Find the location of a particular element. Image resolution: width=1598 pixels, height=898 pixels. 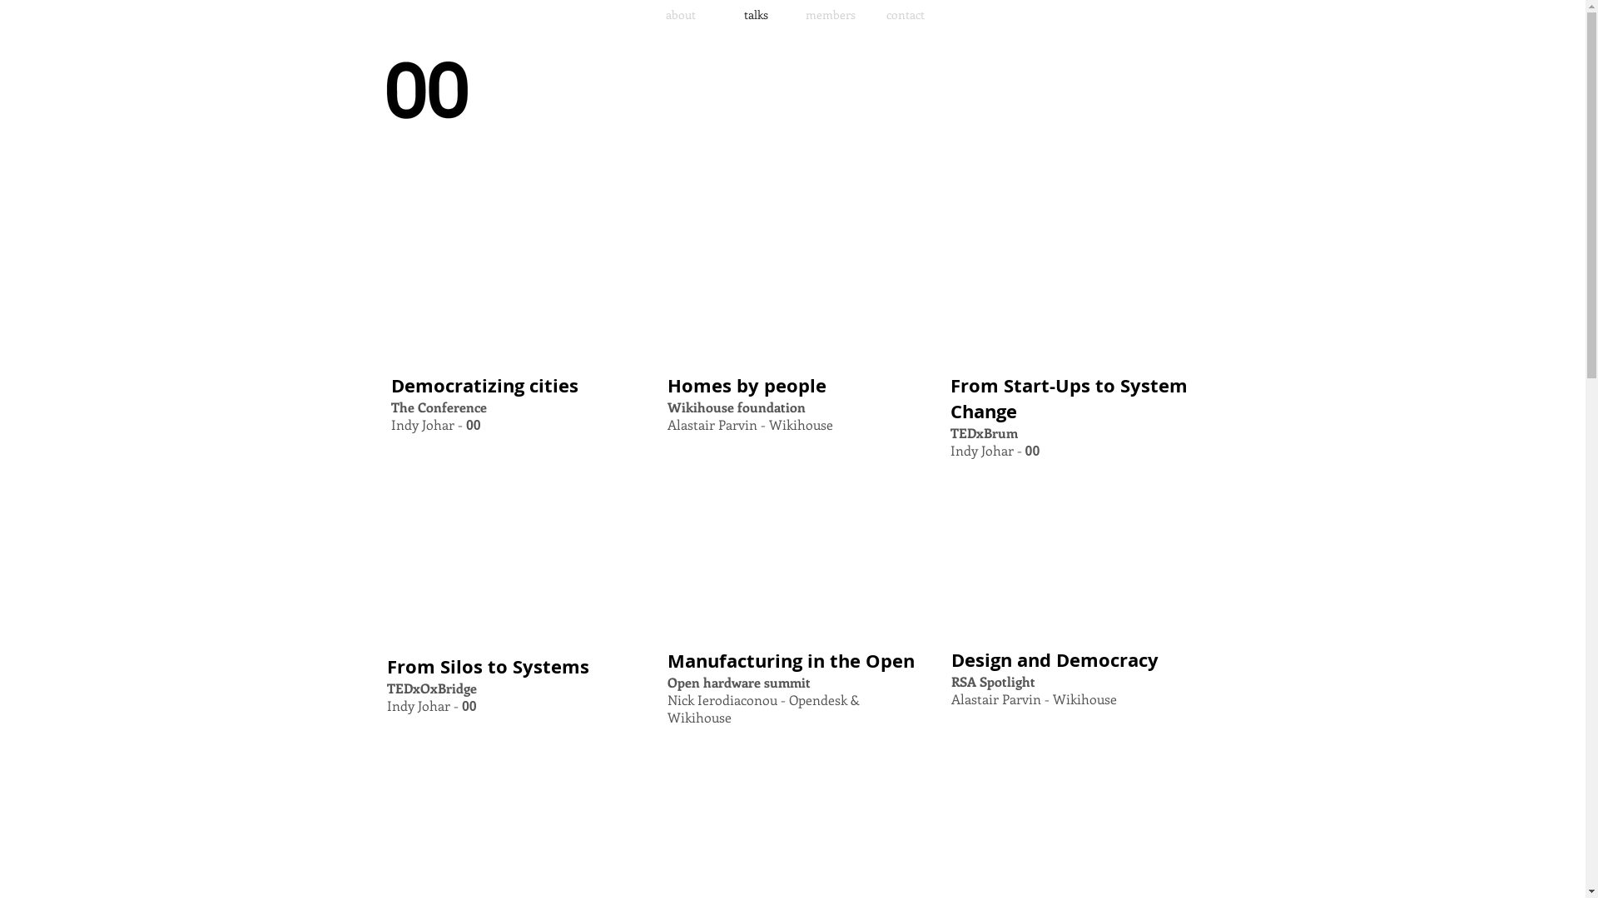

'External YouTube' is located at coordinates (667, 277).